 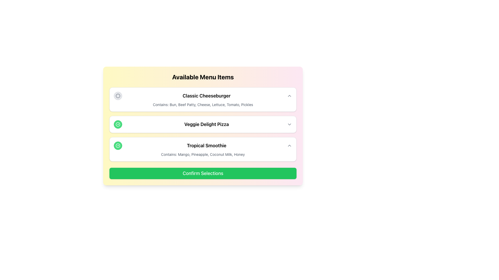 What do you see at coordinates (289, 146) in the screenshot?
I see `the upward-pointing chevron icon button, which is gray and changes shade on hover, located at the far-right side of the 'Tropical Smoothie' menu item` at bounding box center [289, 146].